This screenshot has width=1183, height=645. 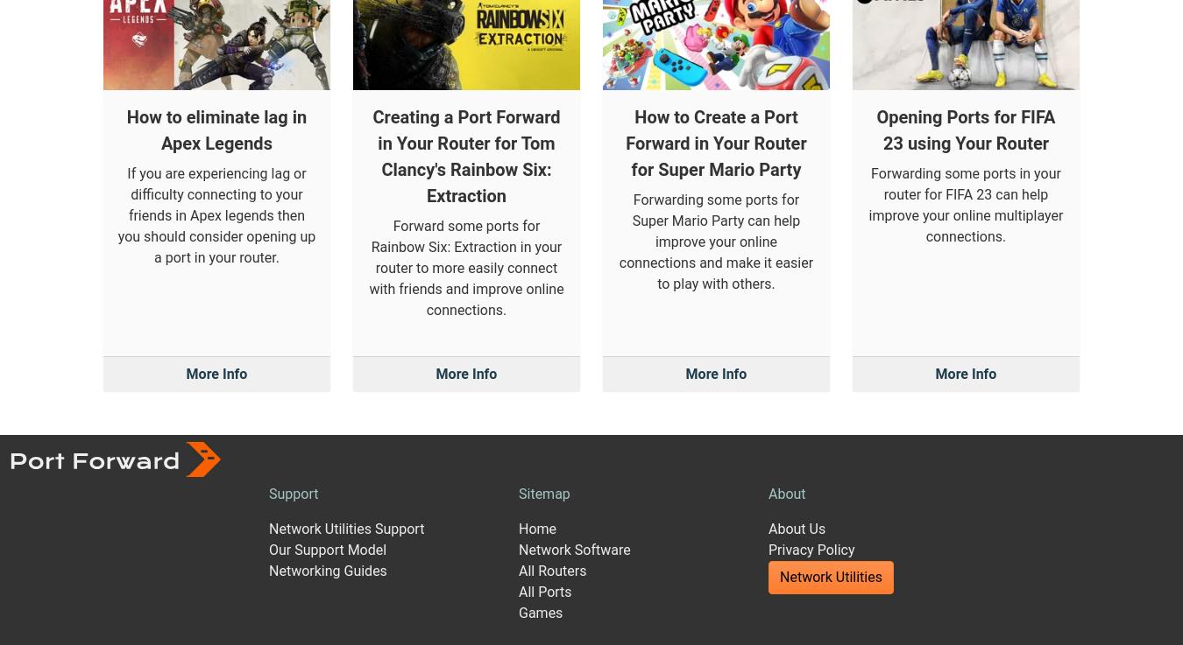 I want to click on 'Home', so click(x=537, y=359).